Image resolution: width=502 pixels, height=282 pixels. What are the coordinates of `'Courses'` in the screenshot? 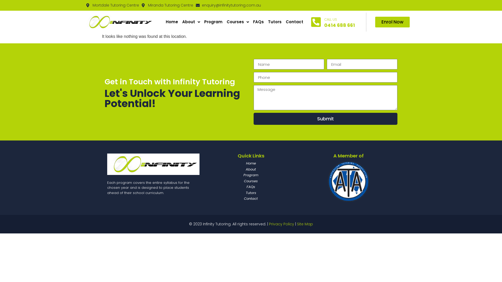 It's located at (250, 181).